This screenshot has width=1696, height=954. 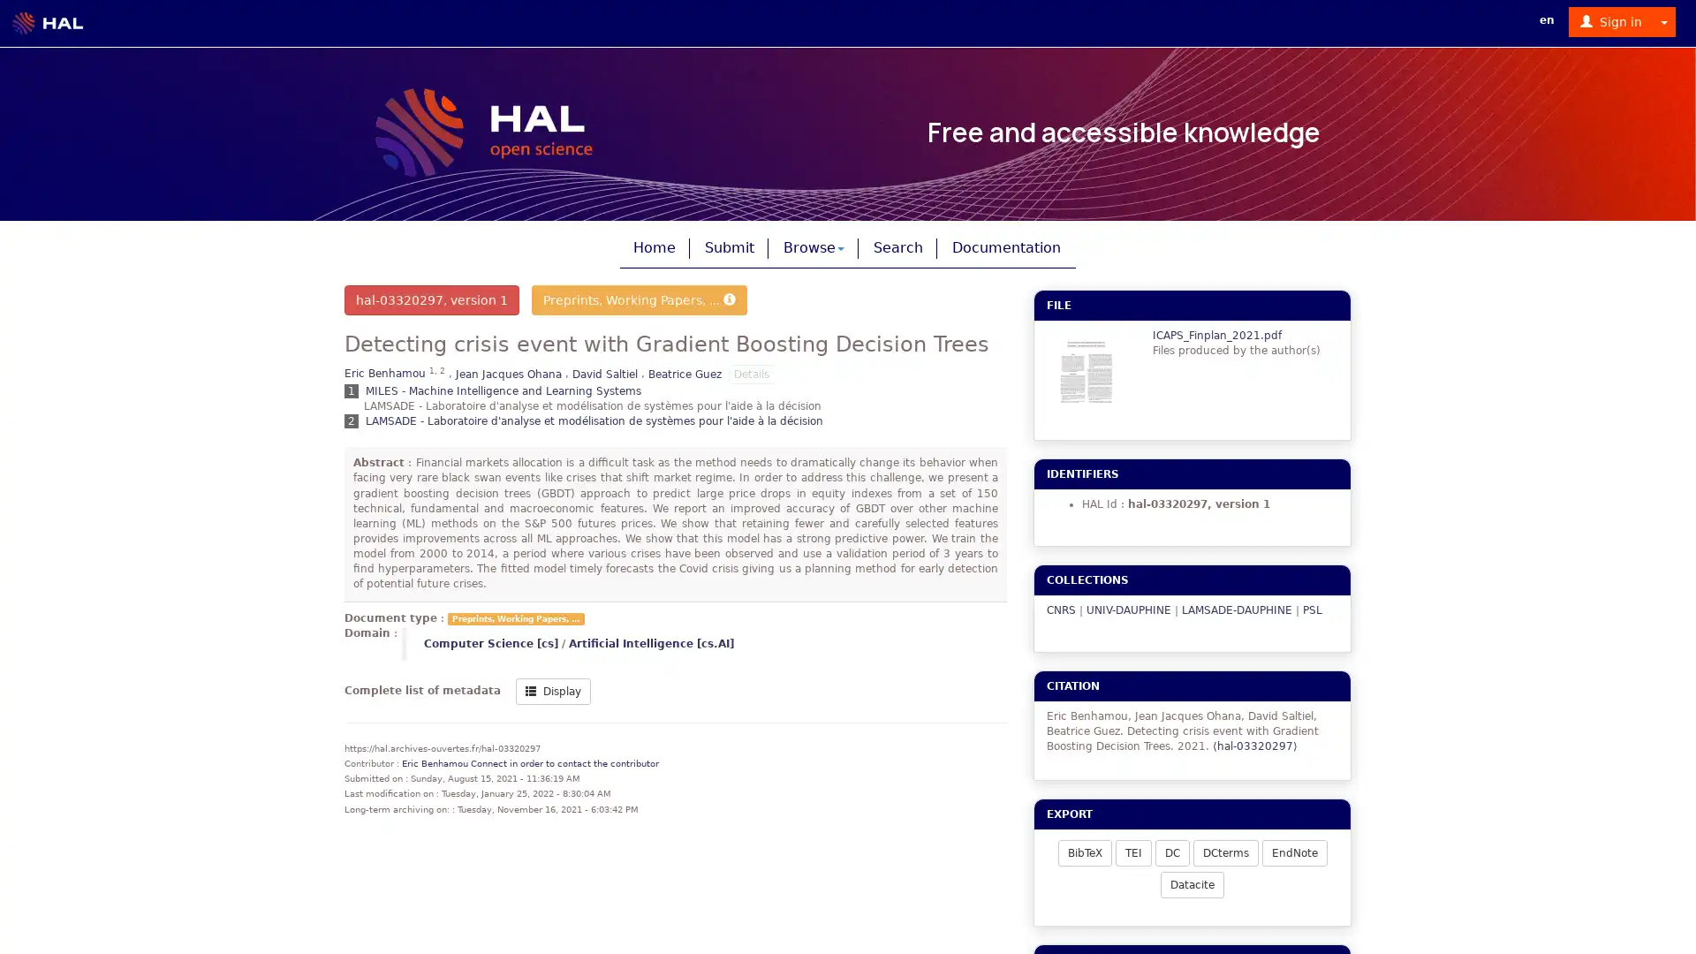 I want to click on DCterms, so click(x=1224, y=851).